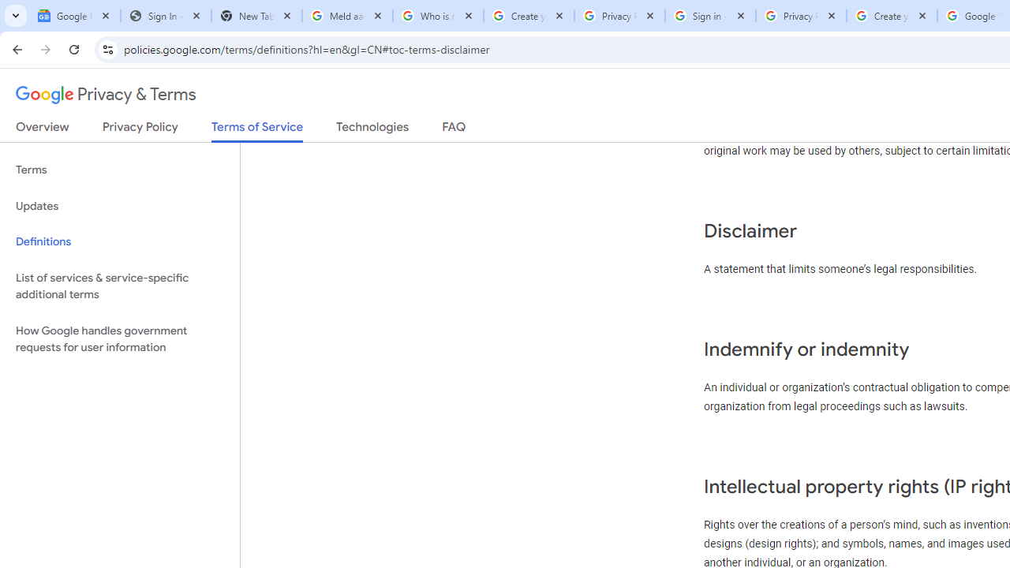 This screenshot has height=568, width=1010. I want to click on 'New Tab', so click(256, 16).